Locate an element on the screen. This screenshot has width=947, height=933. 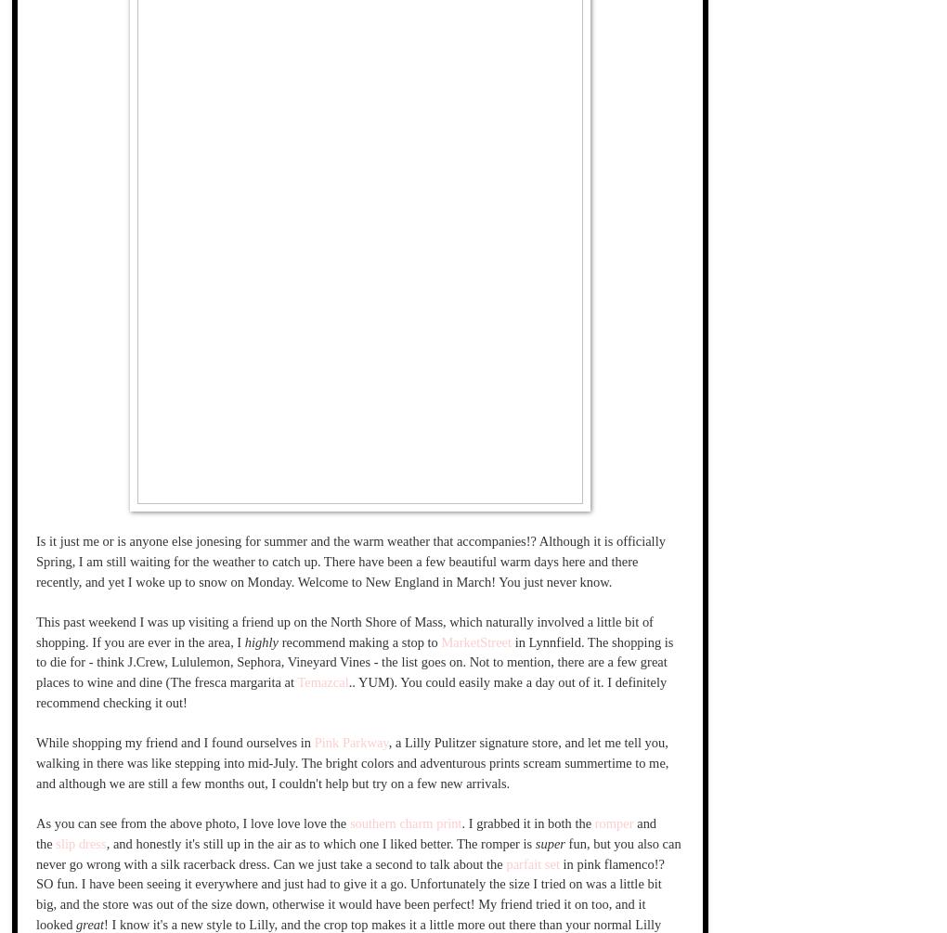
'highly' is located at coordinates (260, 641).